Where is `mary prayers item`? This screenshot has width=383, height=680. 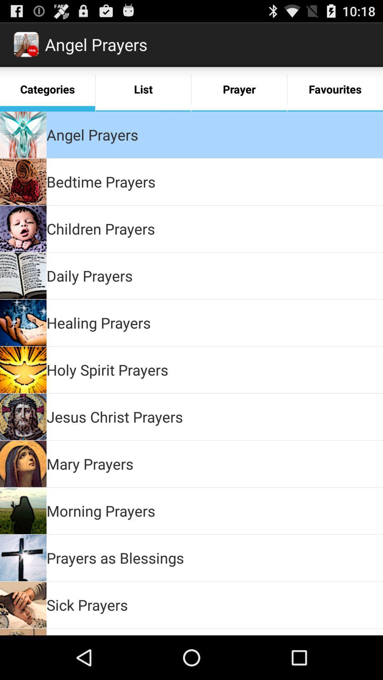 mary prayers item is located at coordinates (89, 464).